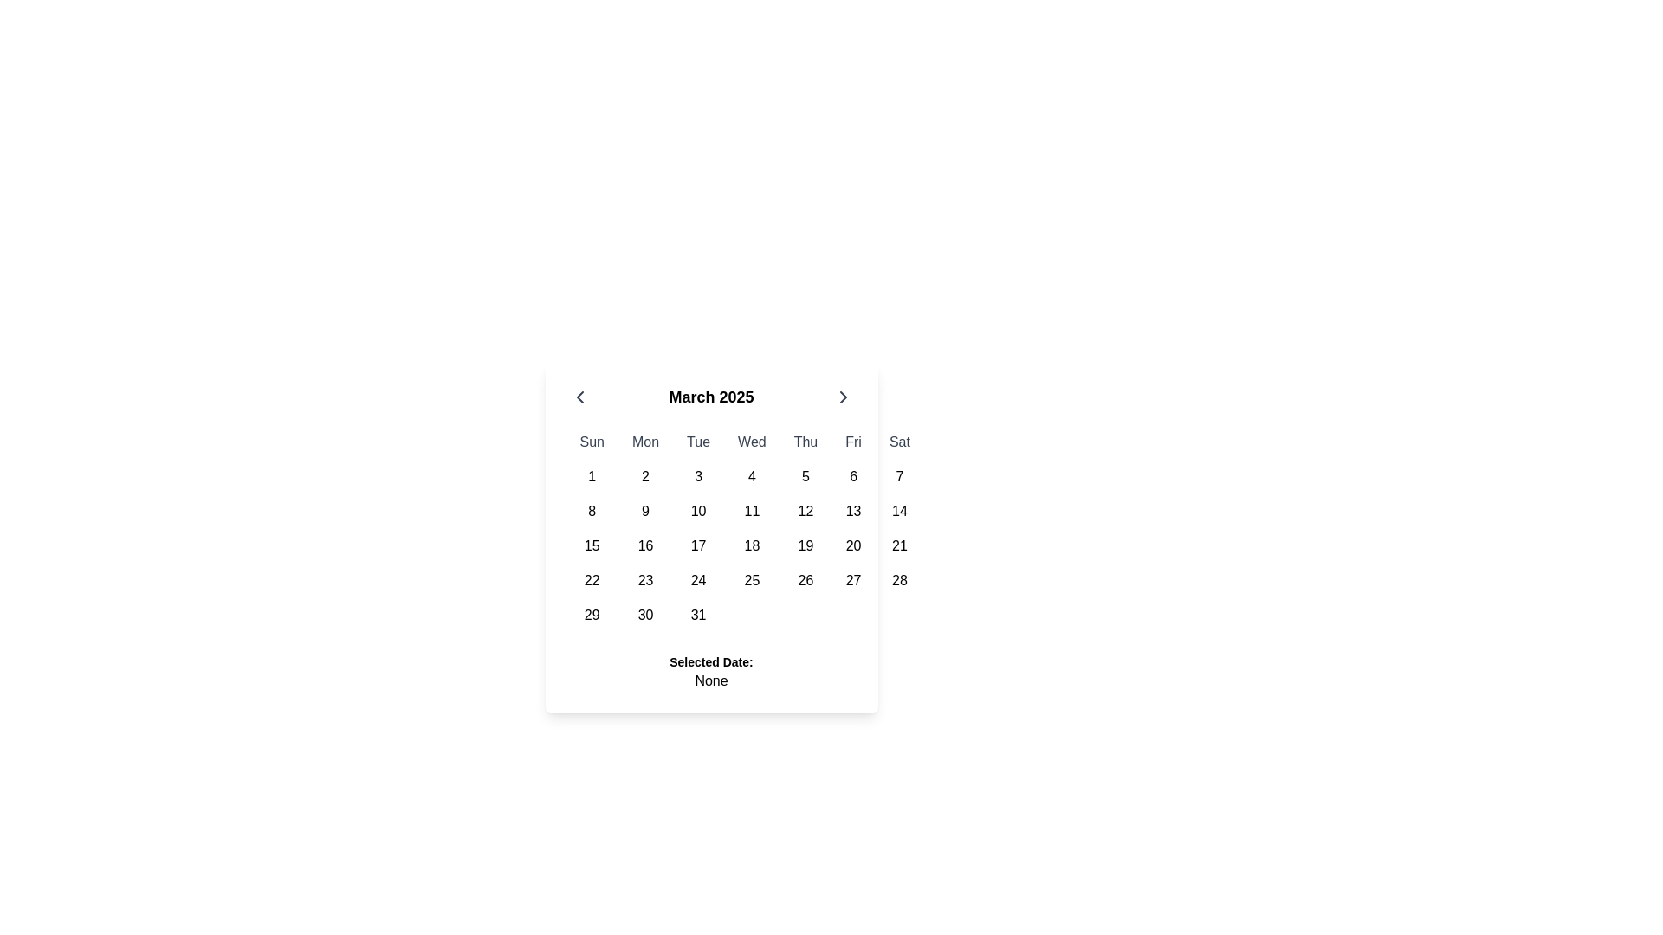  What do you see at coordinates (592, 510) in the screenshot?
I see `the button-like element displaying the number '8' in a calendar` at bounding box center [592, 510].